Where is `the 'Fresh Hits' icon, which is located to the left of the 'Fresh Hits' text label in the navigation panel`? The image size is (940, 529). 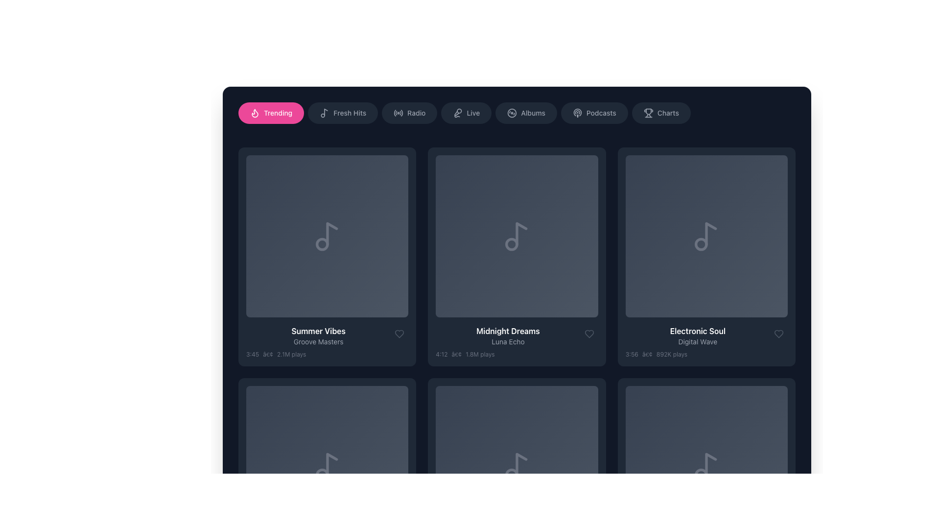 the 'Fresh Hits' icon, which is located to the left of the 'Fresh Hits' text label in the navigation panel is located at coordinates (325, 113).